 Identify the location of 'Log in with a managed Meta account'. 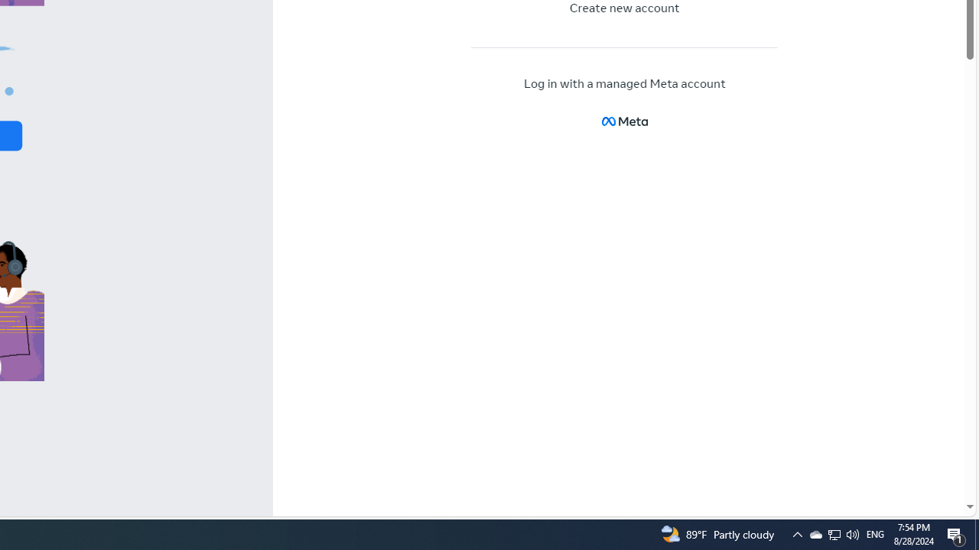
(625, 84).